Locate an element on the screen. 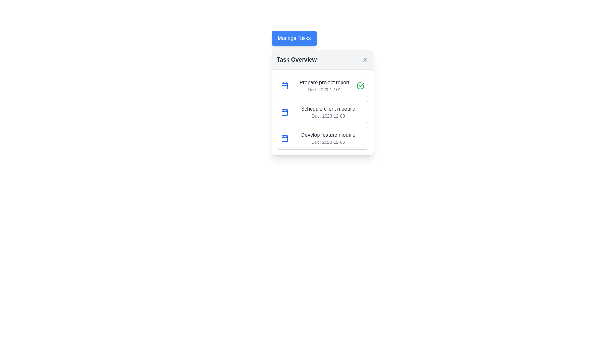 The image size is (614, 345). the TextDisplay element that displays a specific task with its description and due date, positioned centrally within a task list card, specifically the second item in a vertical list of tasks is located at coordinates (328, 112).